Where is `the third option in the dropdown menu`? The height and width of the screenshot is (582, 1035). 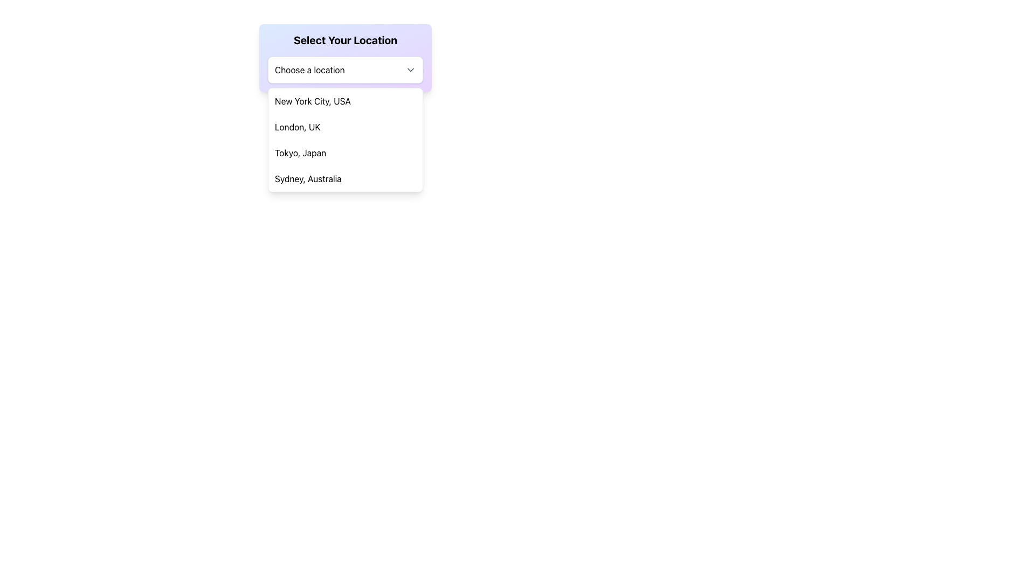
the third option in the dropdown menu is located at coordinates (346, 153).